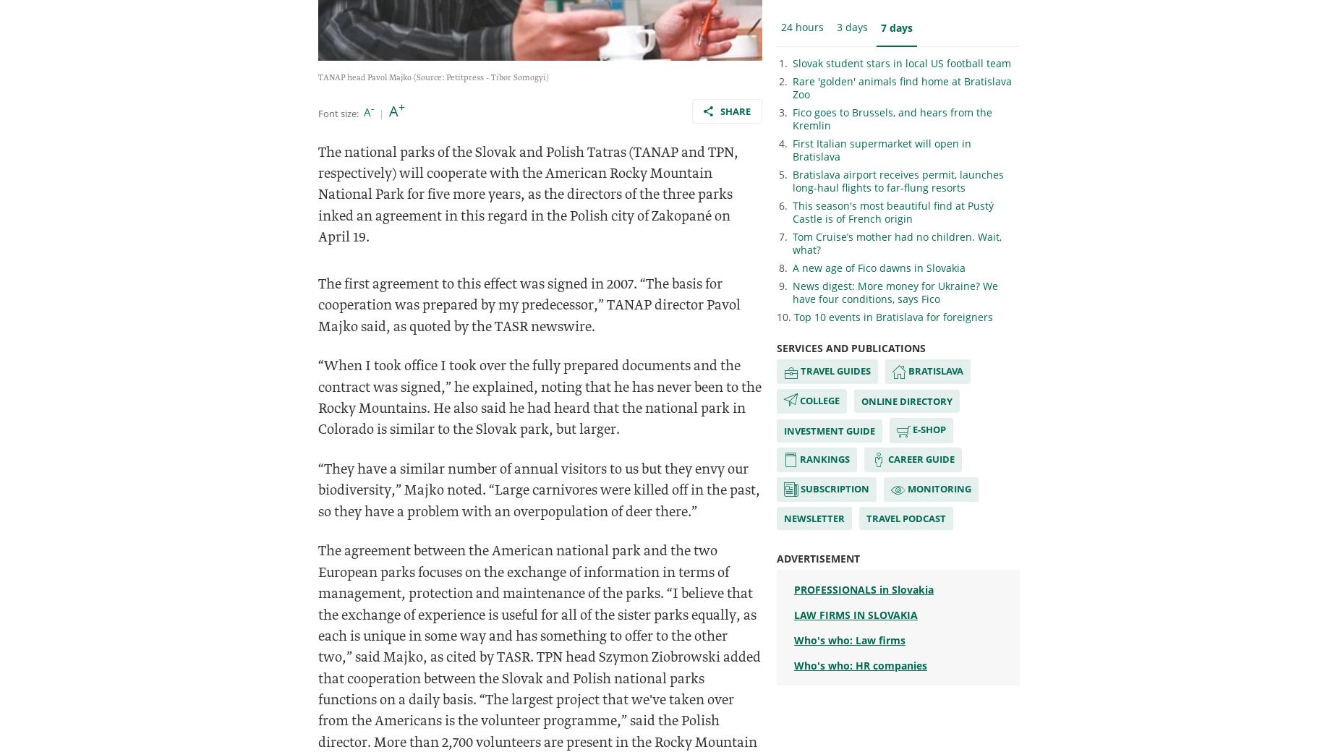 This screenshot has width=1338, height=752. What do you see at coordinates (540, 397) in the screenshot?
I see `'“When I took office I took over the fully prepared documents and the contract was signed,” he explained, noting that he has never been to the Rocky Mountains. He also said he had heard that the national park in Colorado is similar to the Slovak park, but larger.'` at bounding box center [540, 397].